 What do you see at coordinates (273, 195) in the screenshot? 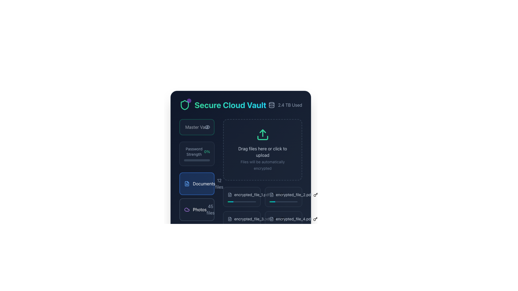
I see `the first file management button (graphic icon)` at bounding box center [273, 195].